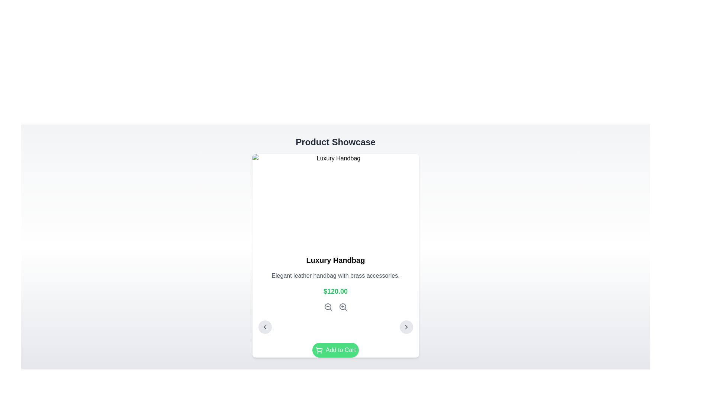  I want to click on the price label displaying '$120.00' in bold green text, located in the middle section of the product card, below the description and above the zoom icons, so click(335, 291).